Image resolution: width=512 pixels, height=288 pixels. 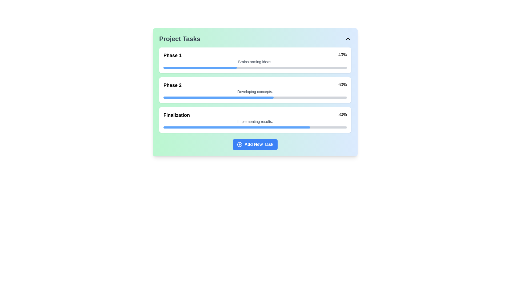 What do you see at coordinates (255, 121) in the screenshot?
I see `the text label displaying 'Implementing results.' which is located under the 'Finalization' header and part of the third task card in the 'Project Tasks' list` at bounding box center [255, 121].